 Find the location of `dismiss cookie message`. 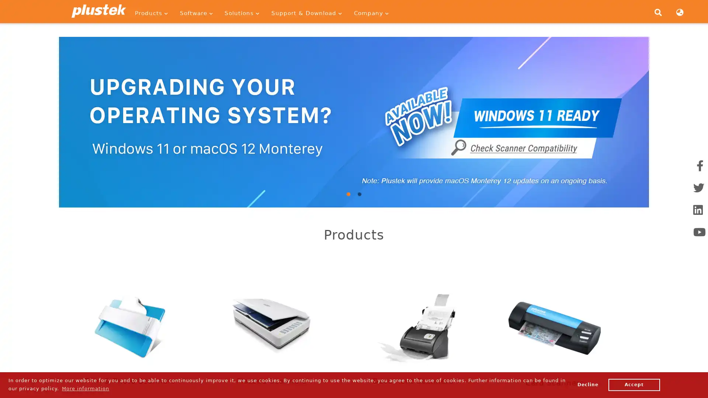

dismiss cookie message is located at coordinates (634, 384).